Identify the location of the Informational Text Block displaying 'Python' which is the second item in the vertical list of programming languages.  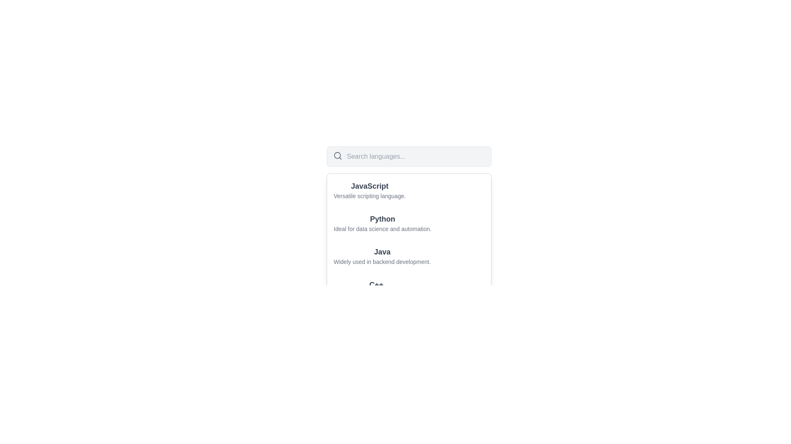
(409, 223).